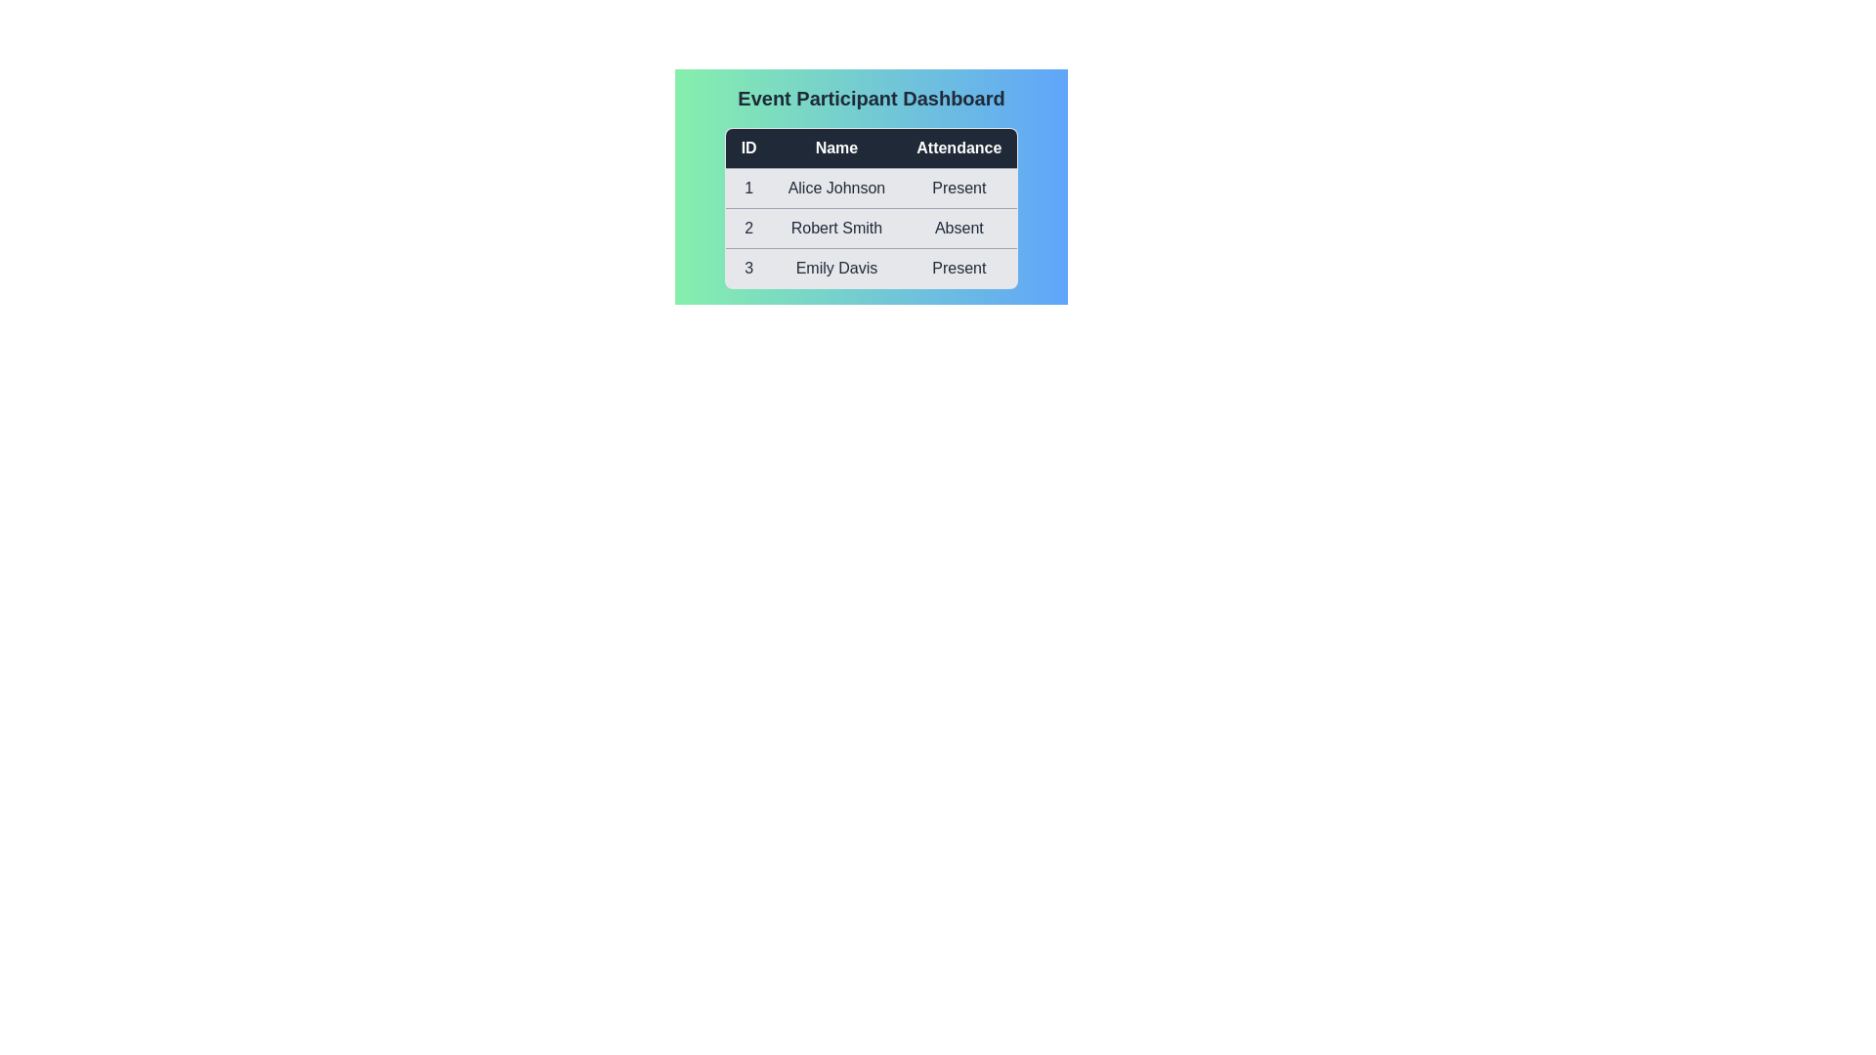 This screenshot has height=1055, width=1876. What do you see at coordinates (959, 228) in the screenshot?
I see `the text label displaying 'Absent' in black on a light gray background, located in the third column of the second row of the attendance table` at bounding box center [959, 228].